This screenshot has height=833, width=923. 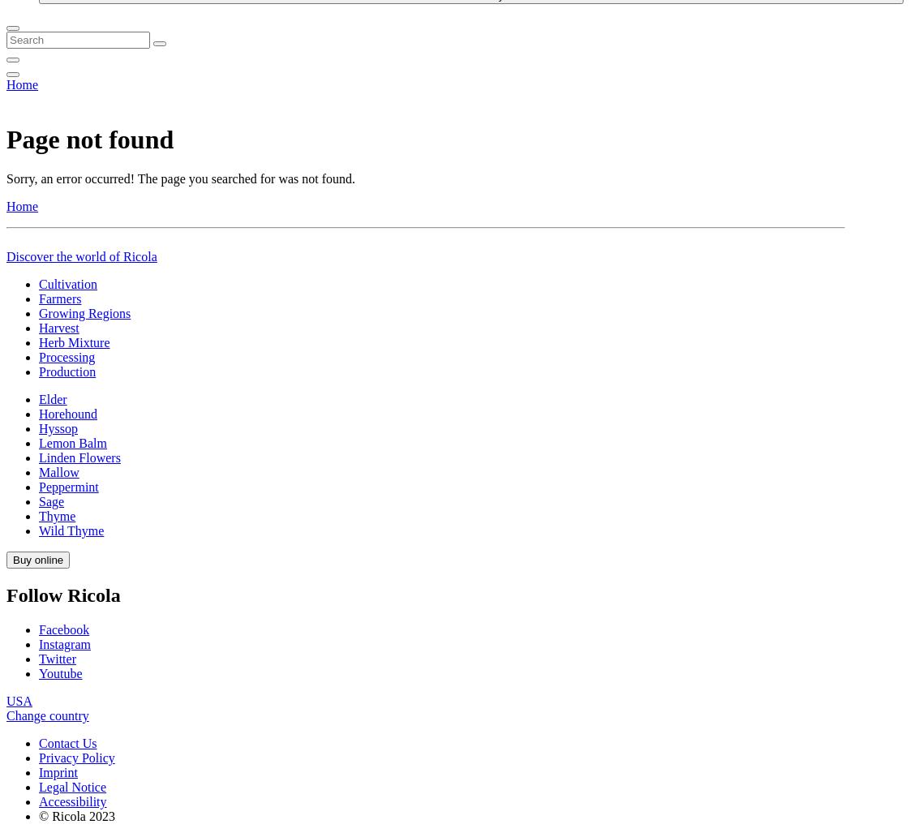 I want to click on 'Sorry, an error occurred! The page you searched for was not found.', so click(x=6, y=646).